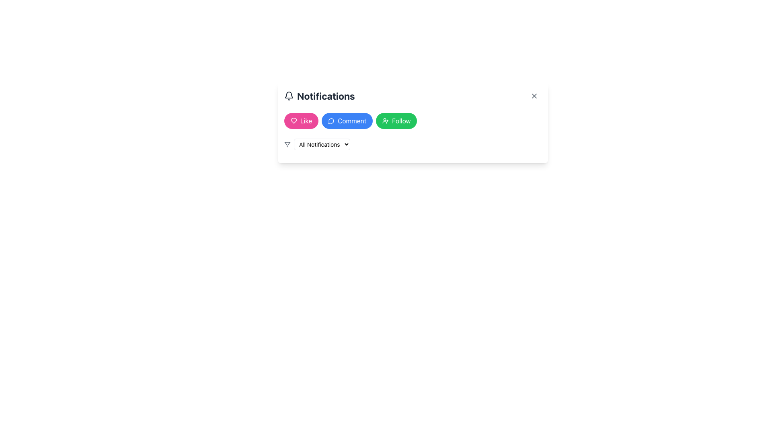 This screenshot has width=772, height=434. Describe the element at coordinates (289, 94) in the screenshot. I see `the bell-shaped notification icon located to the immediate left of the 'Notifications' title text in the header section` at that location.